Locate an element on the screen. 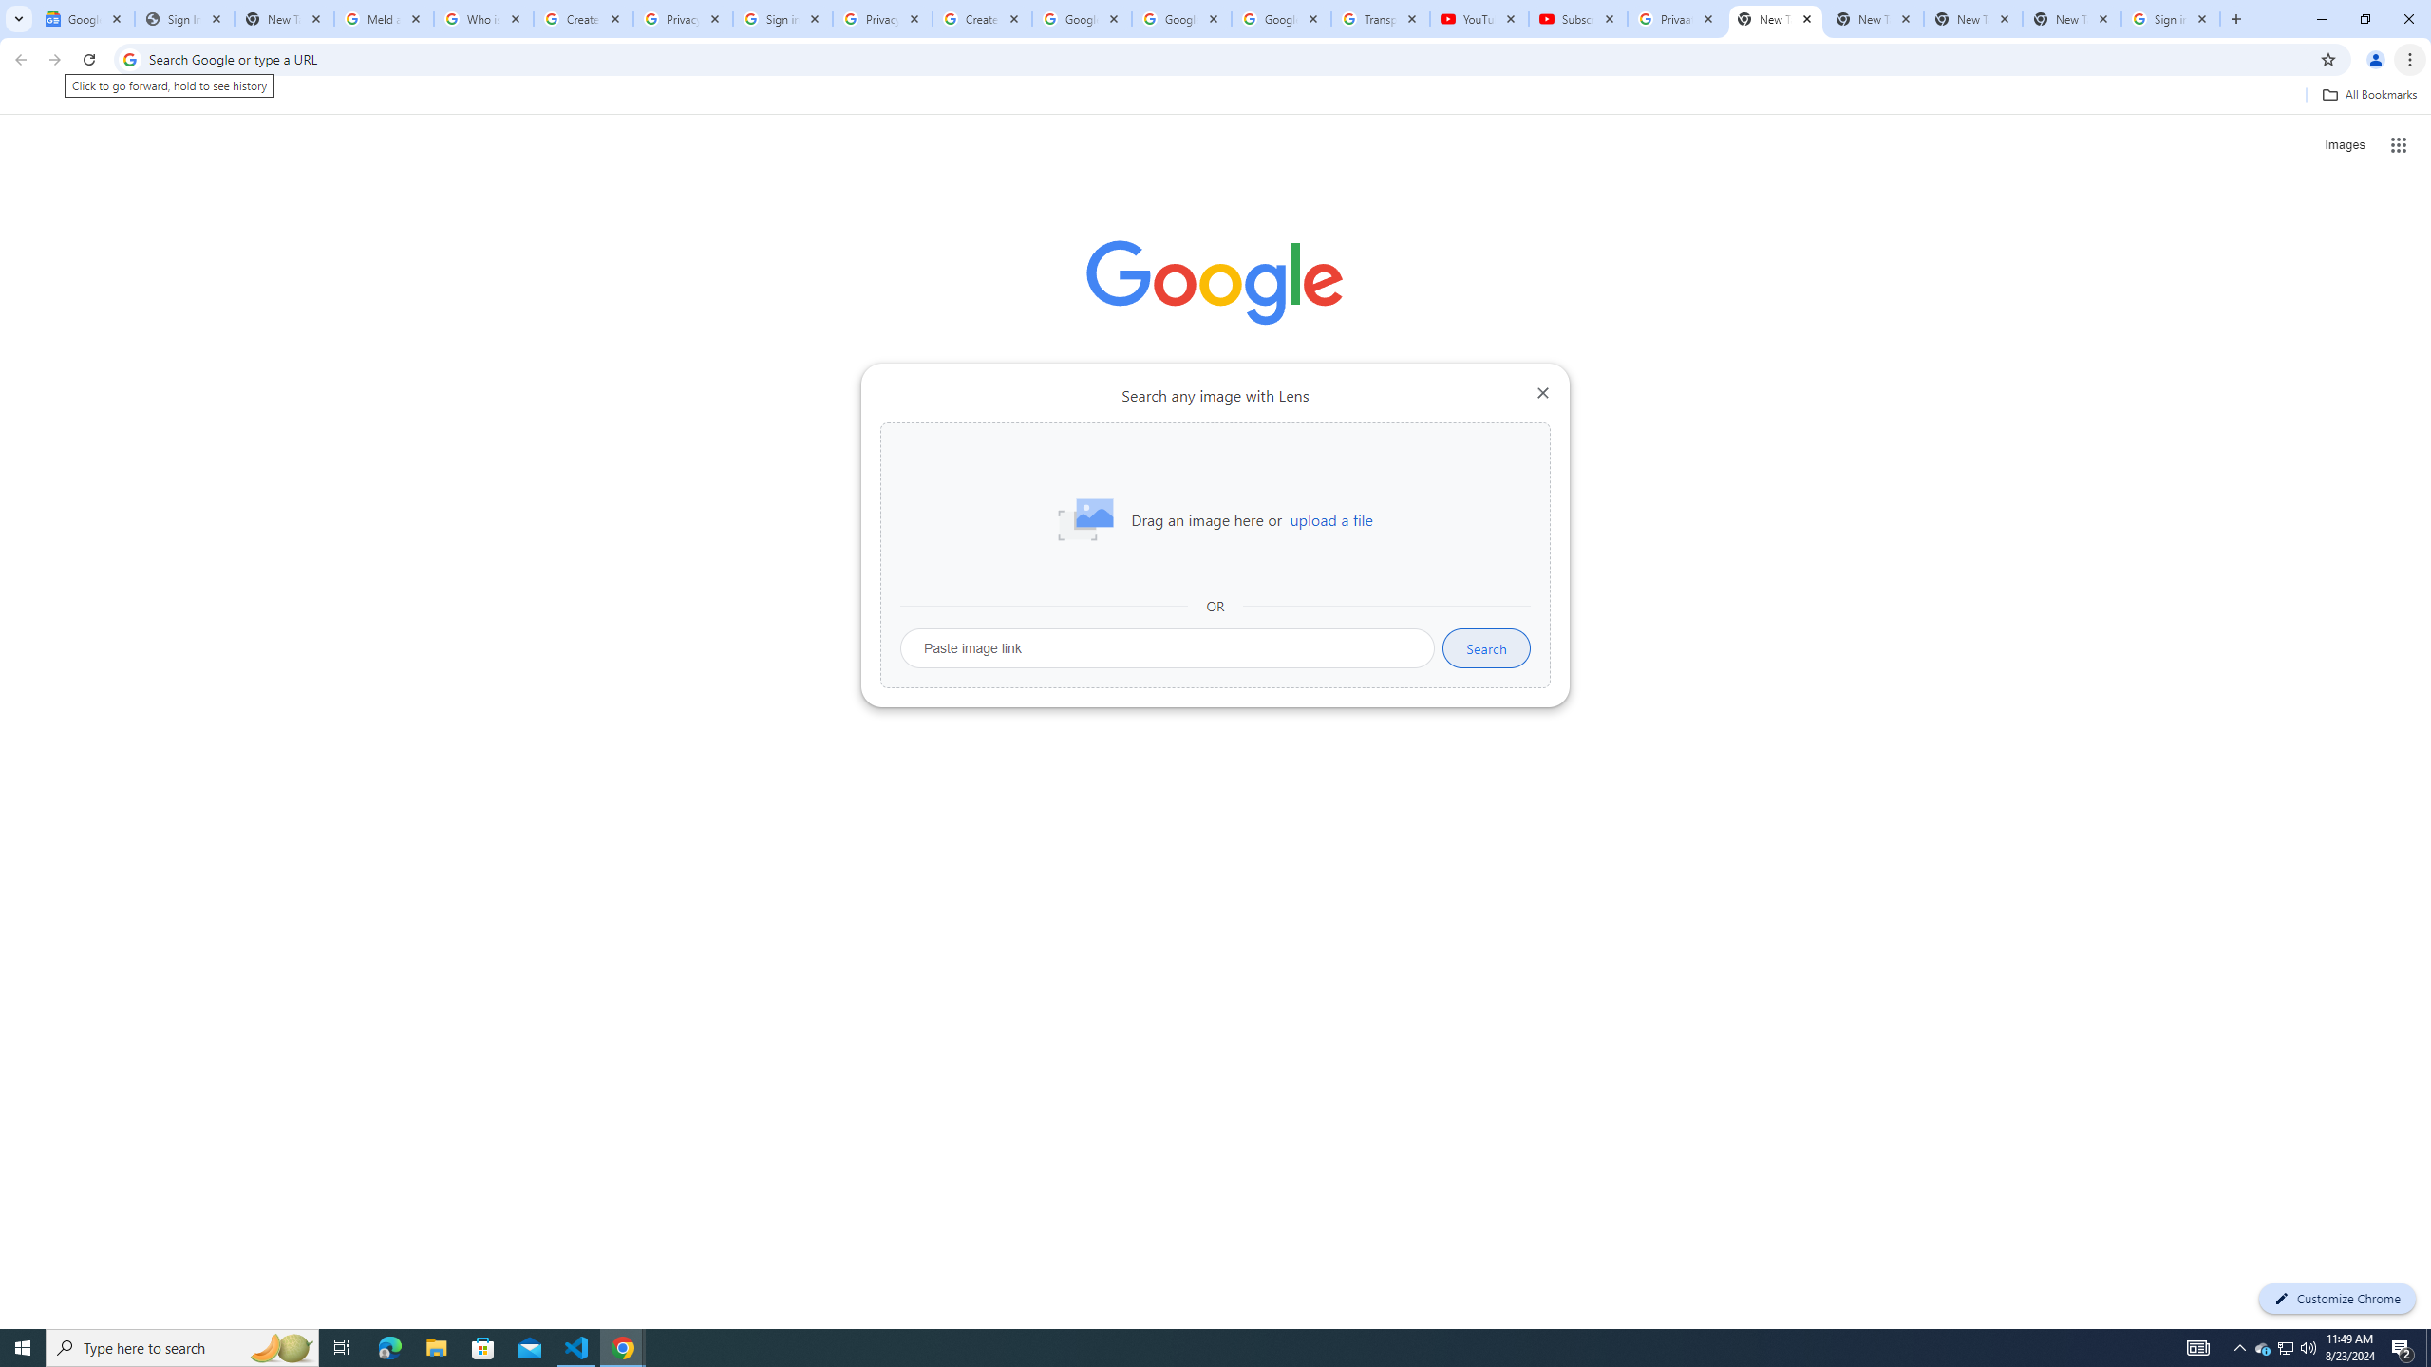  'Create your Google Account' is located at coordinates (982, 18).